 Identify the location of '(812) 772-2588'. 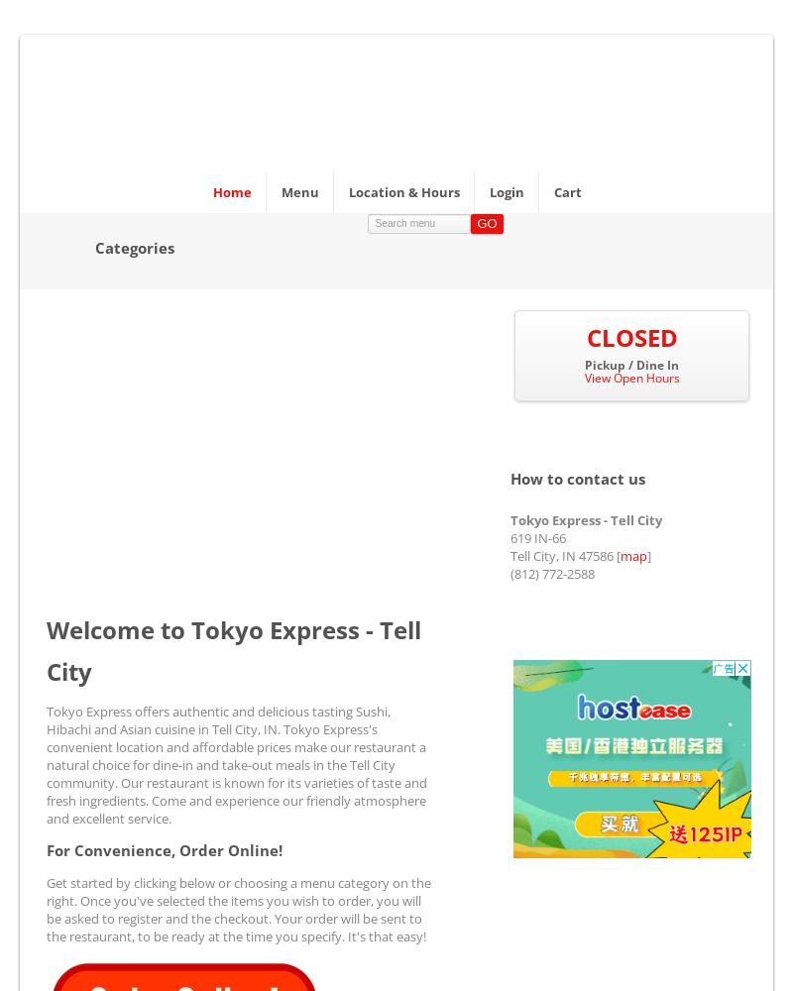
(552, 572).